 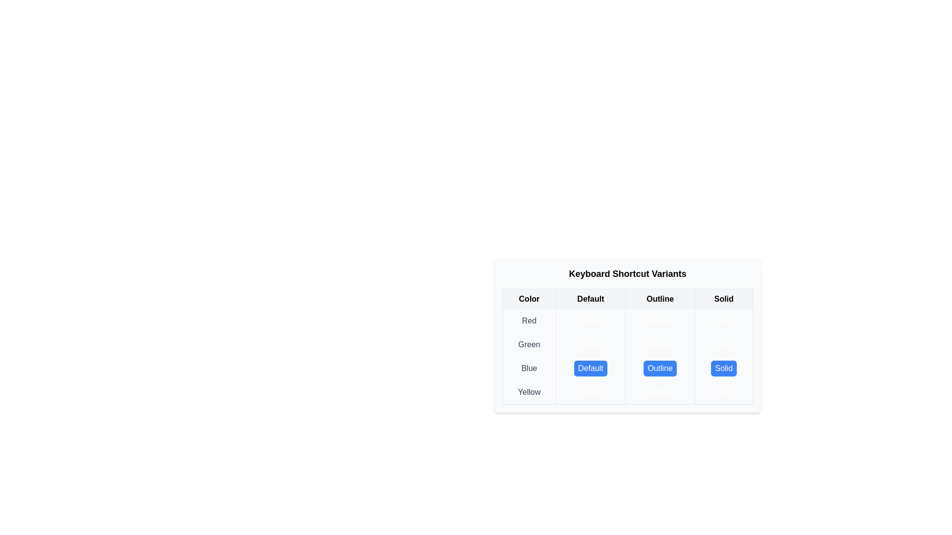 I want to click on text from the 'Outline' label, which is the third column header under 'Keyboard Shortcut Variants' in a table-like structure, so click(x=660, y=298).